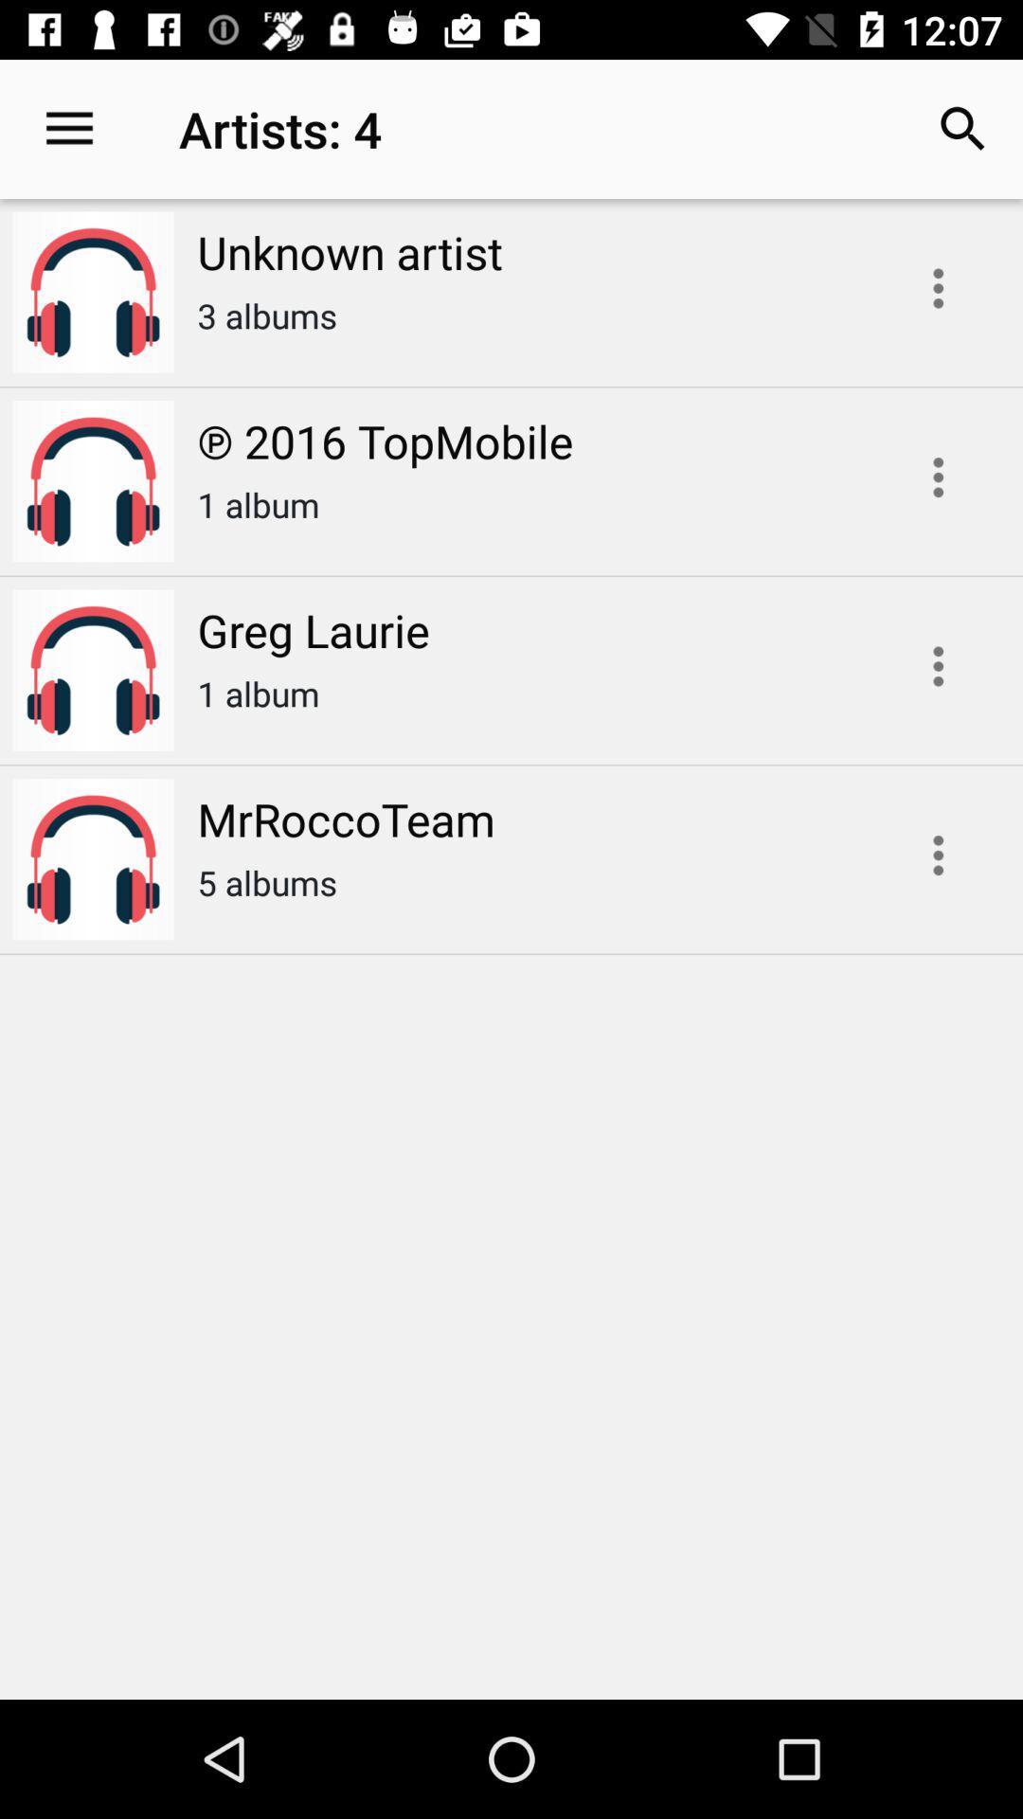 The height and width of the screenshot is (1819, 1023). What do you see at coordinates (938, 666) in the screenshot?
I see `display options for artist entry` at bounding box center [938, 666].